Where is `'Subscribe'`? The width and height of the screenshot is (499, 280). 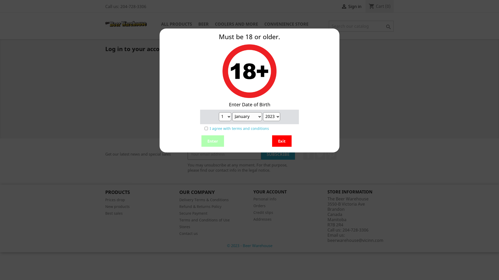
'Subscribe' is located at coordinates (261, 154).